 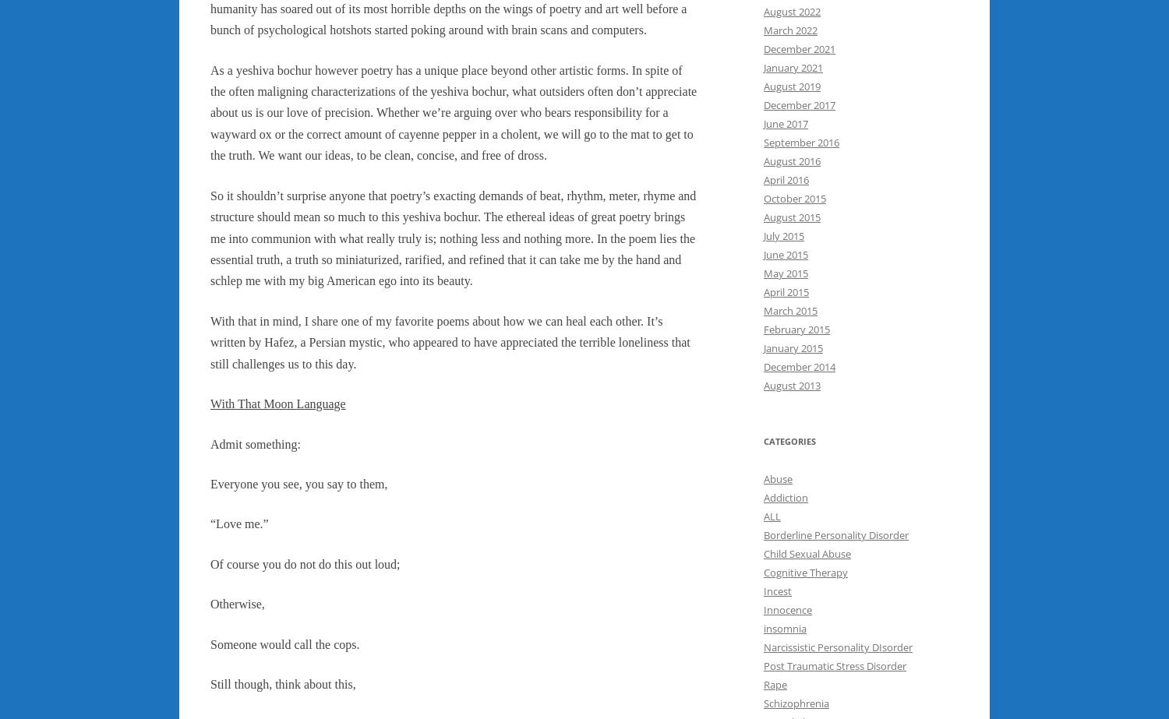 I want to click on 'With That Moon Language', so click(x=277, y=403).